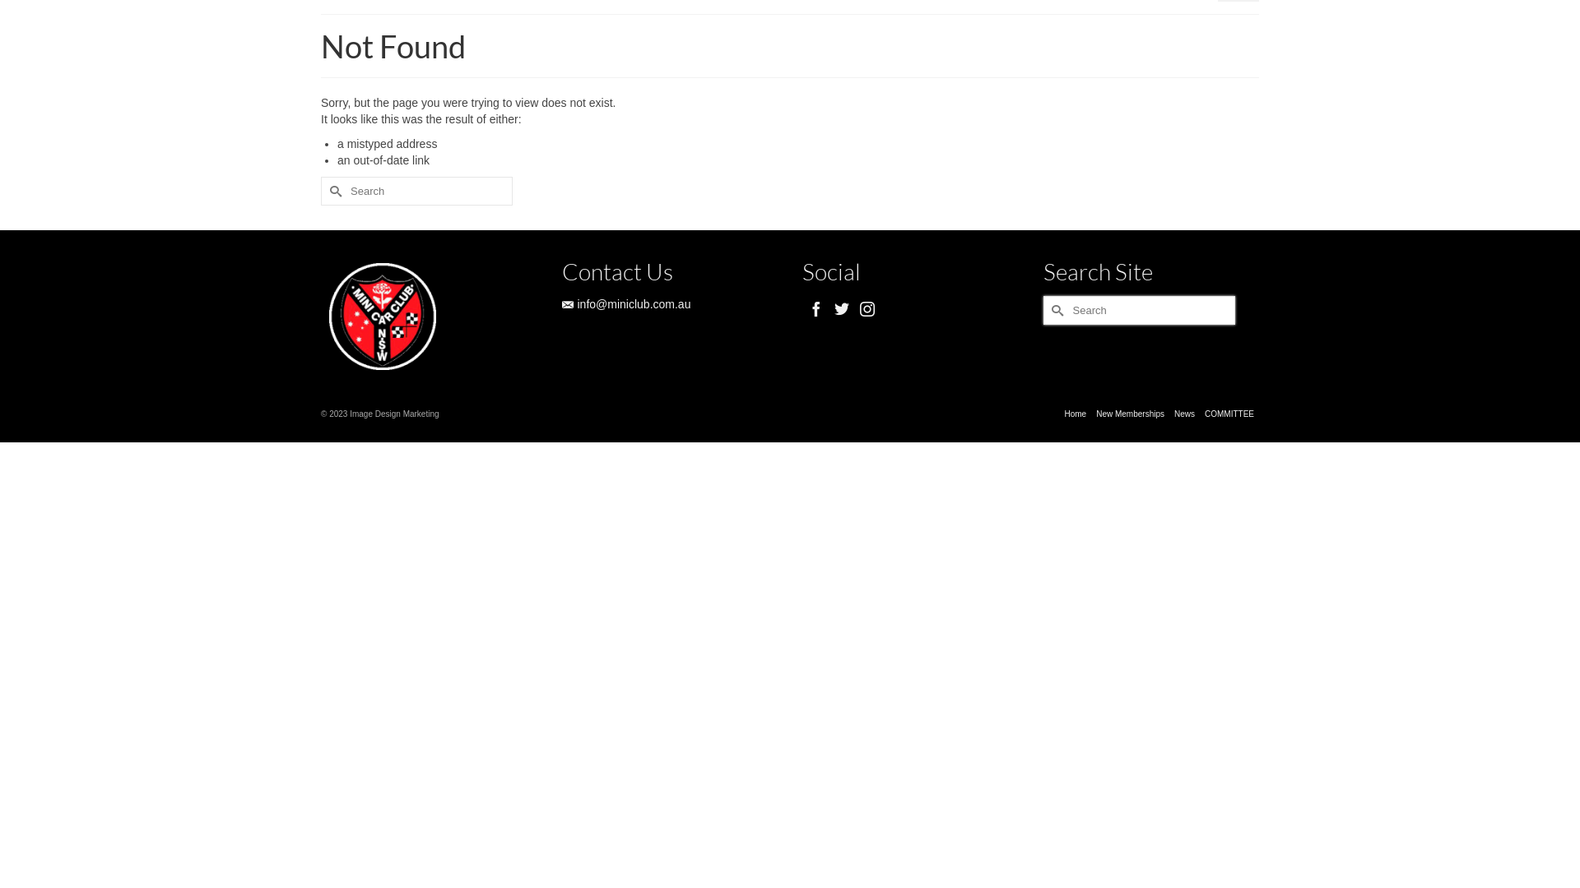 The height and width of the screenshot is (888, 1580). I want to click on 'News', so click(1183, 414).